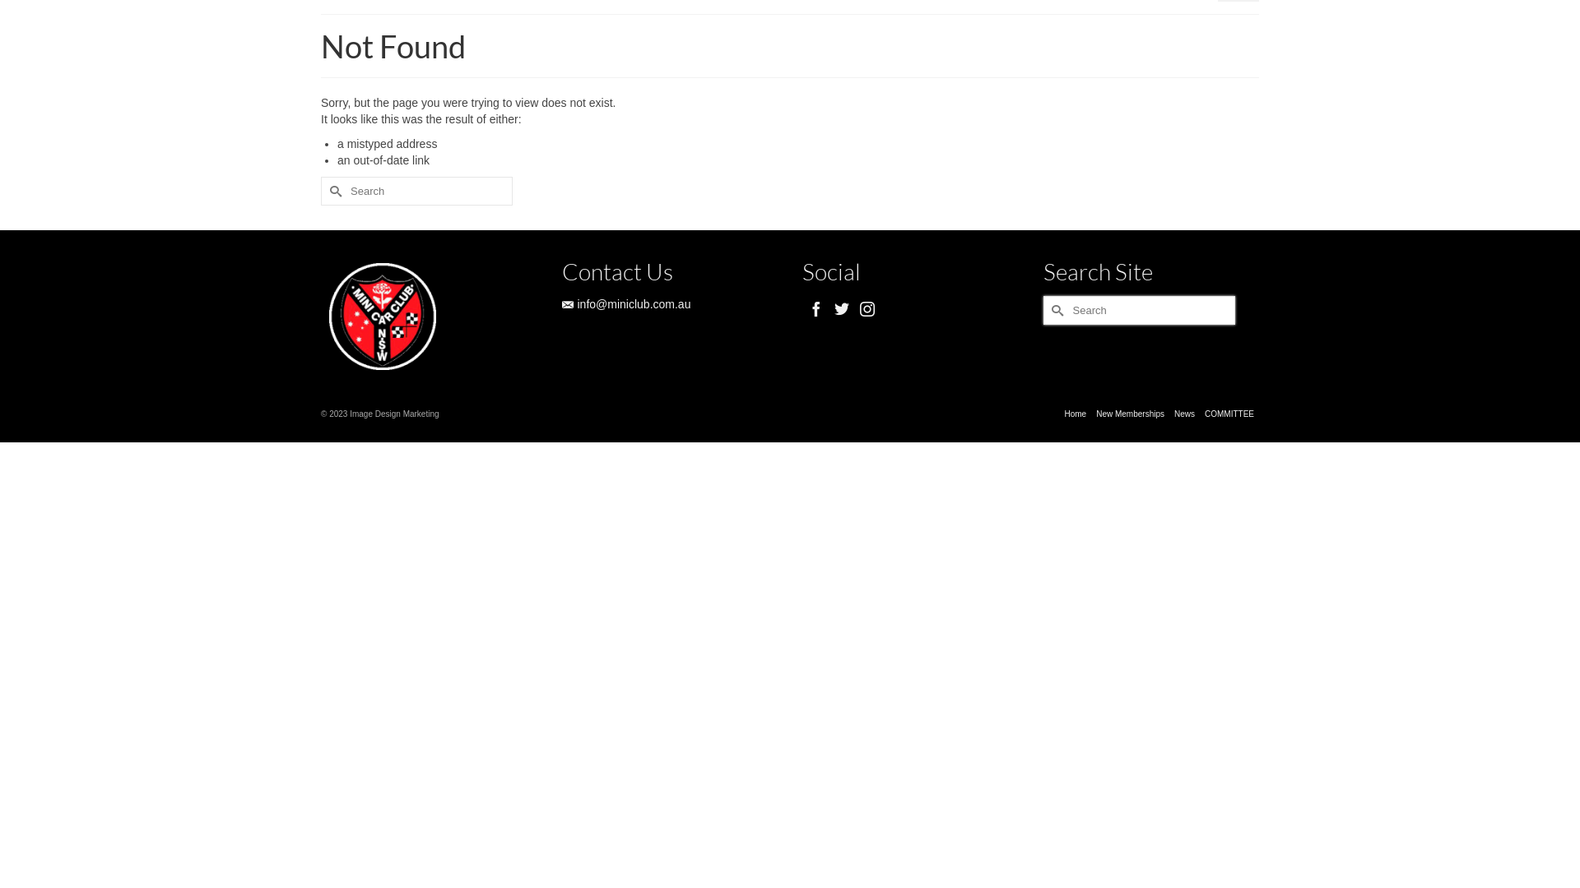 The height and width of the screenshot is (888, 1580). I want to click on 'News', so click(1183, 414).